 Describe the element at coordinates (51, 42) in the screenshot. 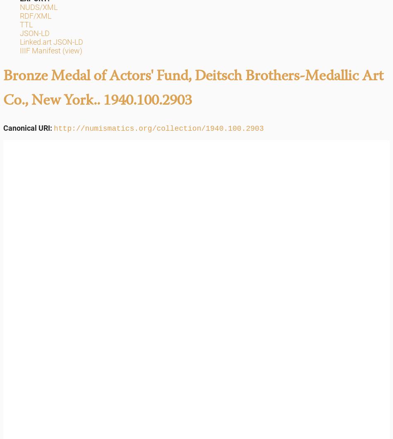

I see `'Linked.art JSON-LD'` at that location.